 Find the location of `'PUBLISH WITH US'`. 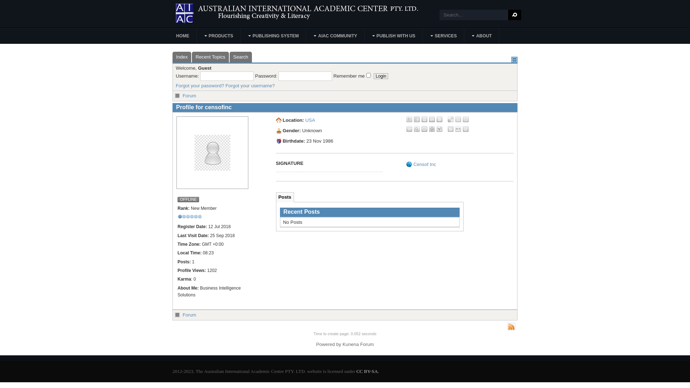

'PUBLISH WITH US' is located at coordinates (365, 36).